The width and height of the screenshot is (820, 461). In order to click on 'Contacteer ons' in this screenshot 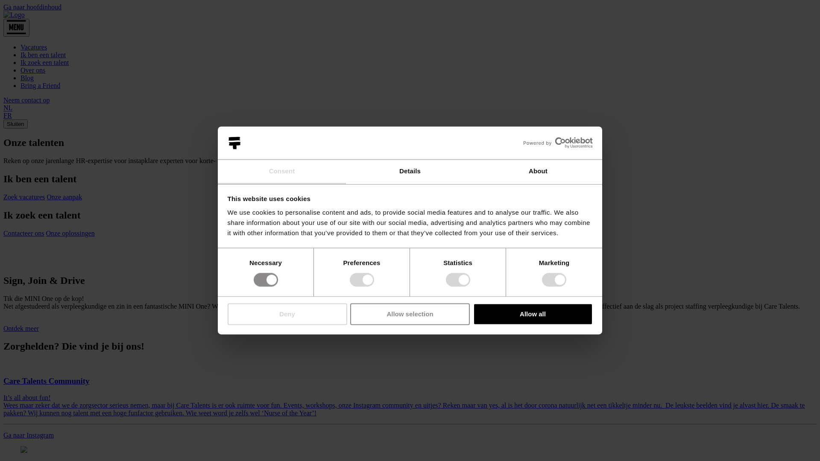, I will do `click(24, 233)`.